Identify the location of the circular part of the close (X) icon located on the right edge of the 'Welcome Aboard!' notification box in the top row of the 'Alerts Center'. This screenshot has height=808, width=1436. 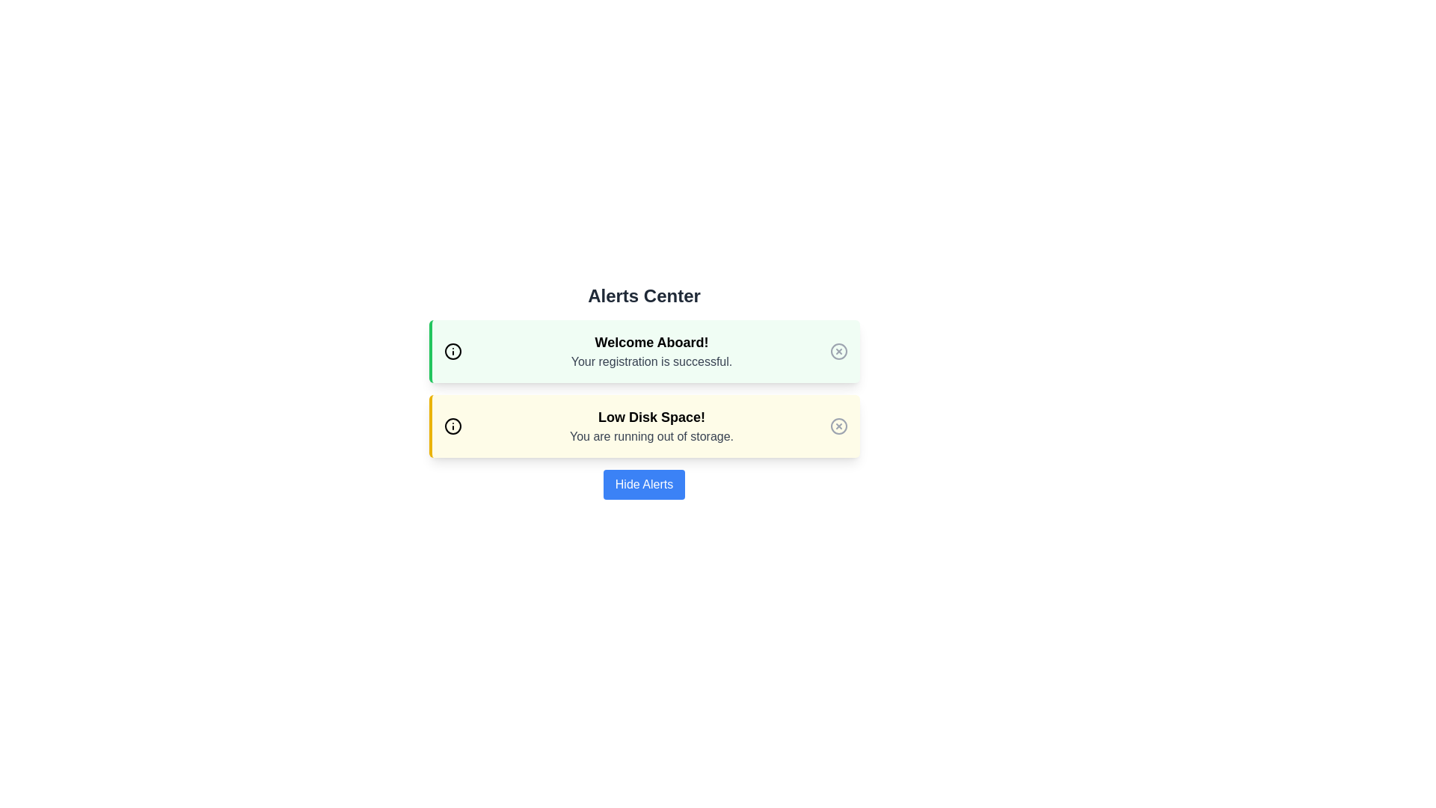
(838, 352).